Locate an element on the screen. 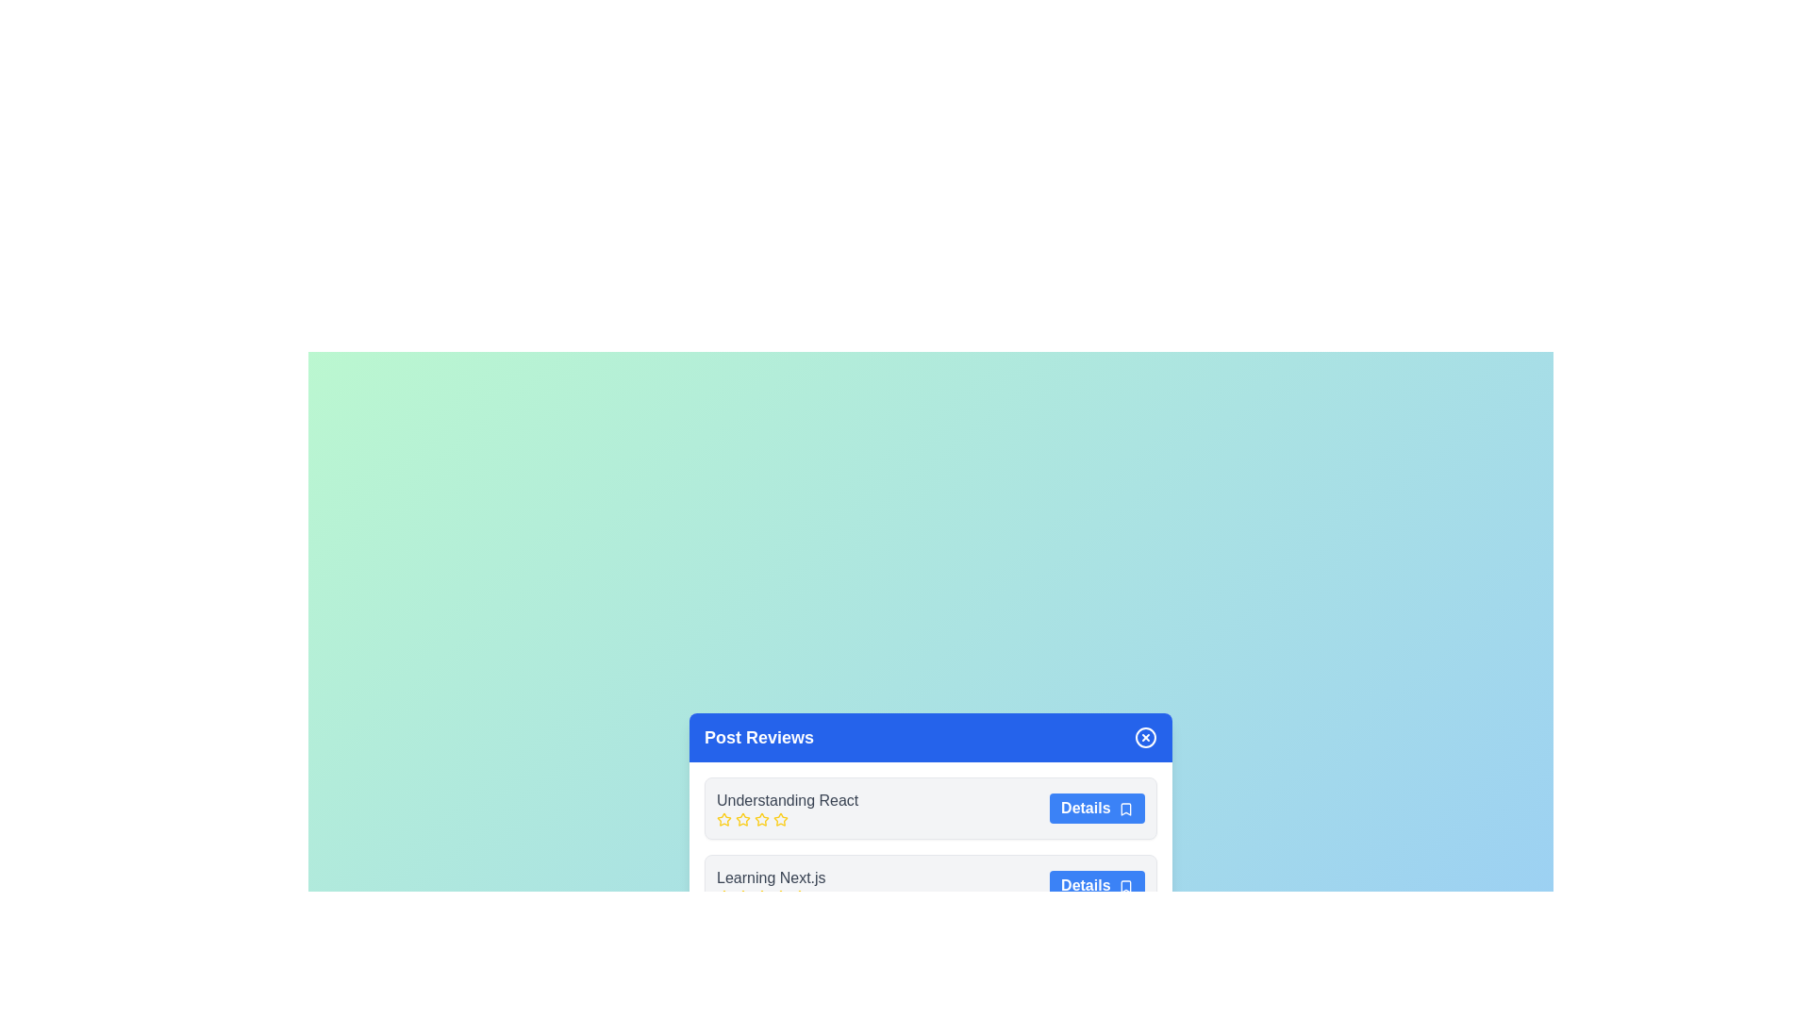  'Details' button for the post titled Understanding React is located at coordinates (1097, 807).